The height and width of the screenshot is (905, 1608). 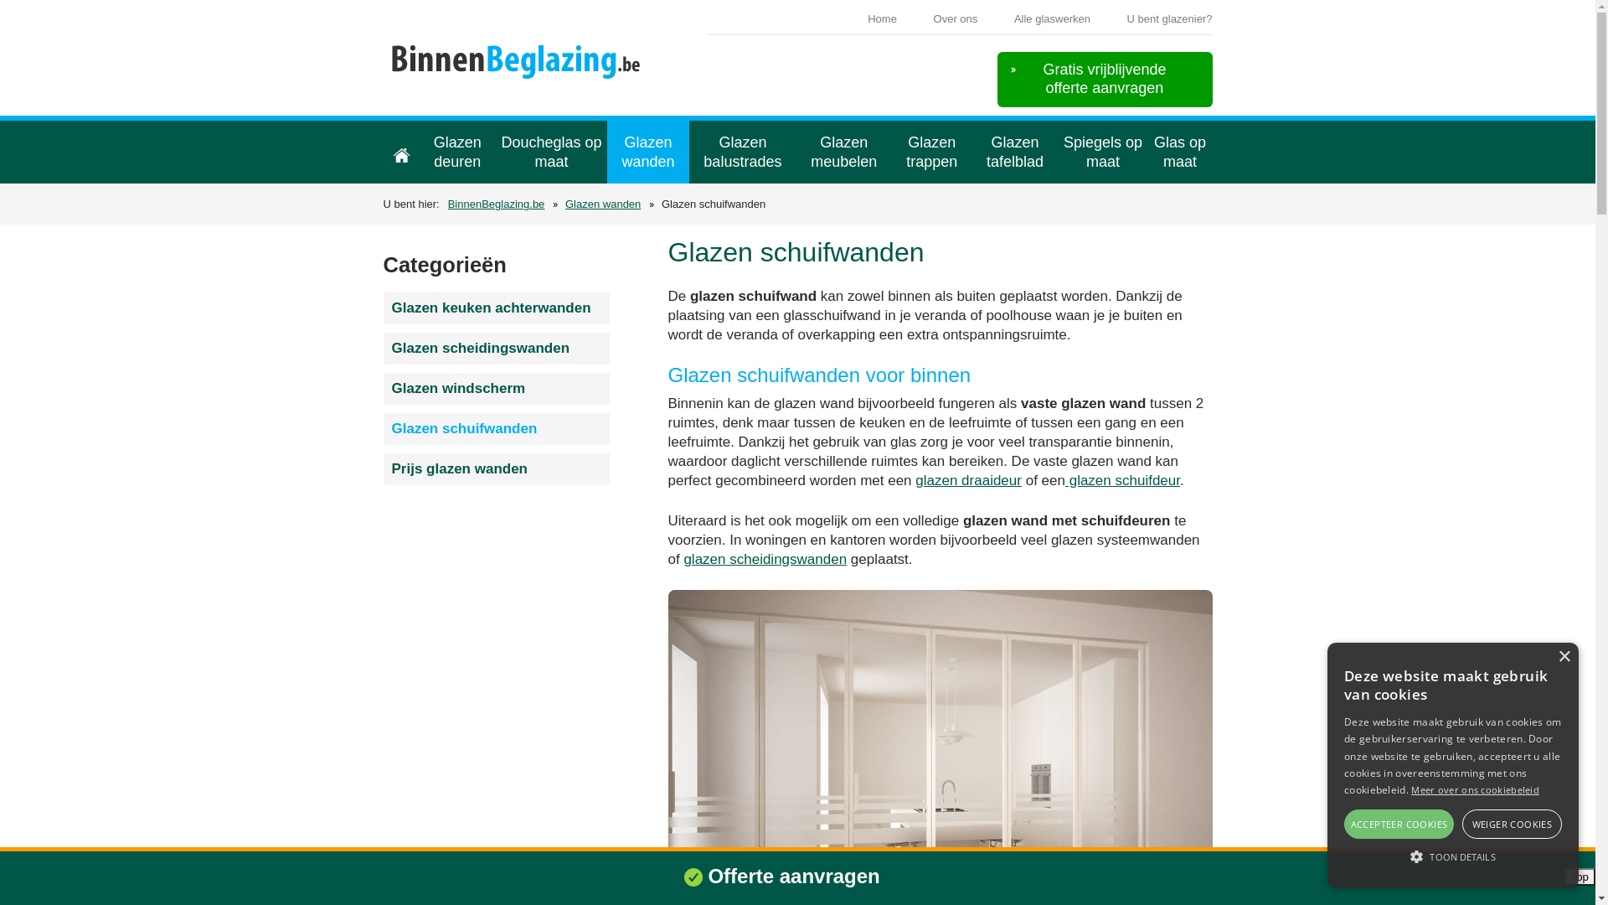 What do you see at coordinates (388, 66) in the screenshot?
I see `'BinnenBeglazing.be'` at bounding box center [388, 66].